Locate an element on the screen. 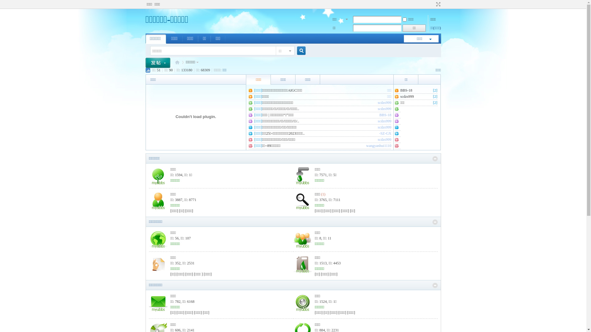 This screenshot has width=591, height=332. 'scdzs999' is located at coordinates (384, 121).